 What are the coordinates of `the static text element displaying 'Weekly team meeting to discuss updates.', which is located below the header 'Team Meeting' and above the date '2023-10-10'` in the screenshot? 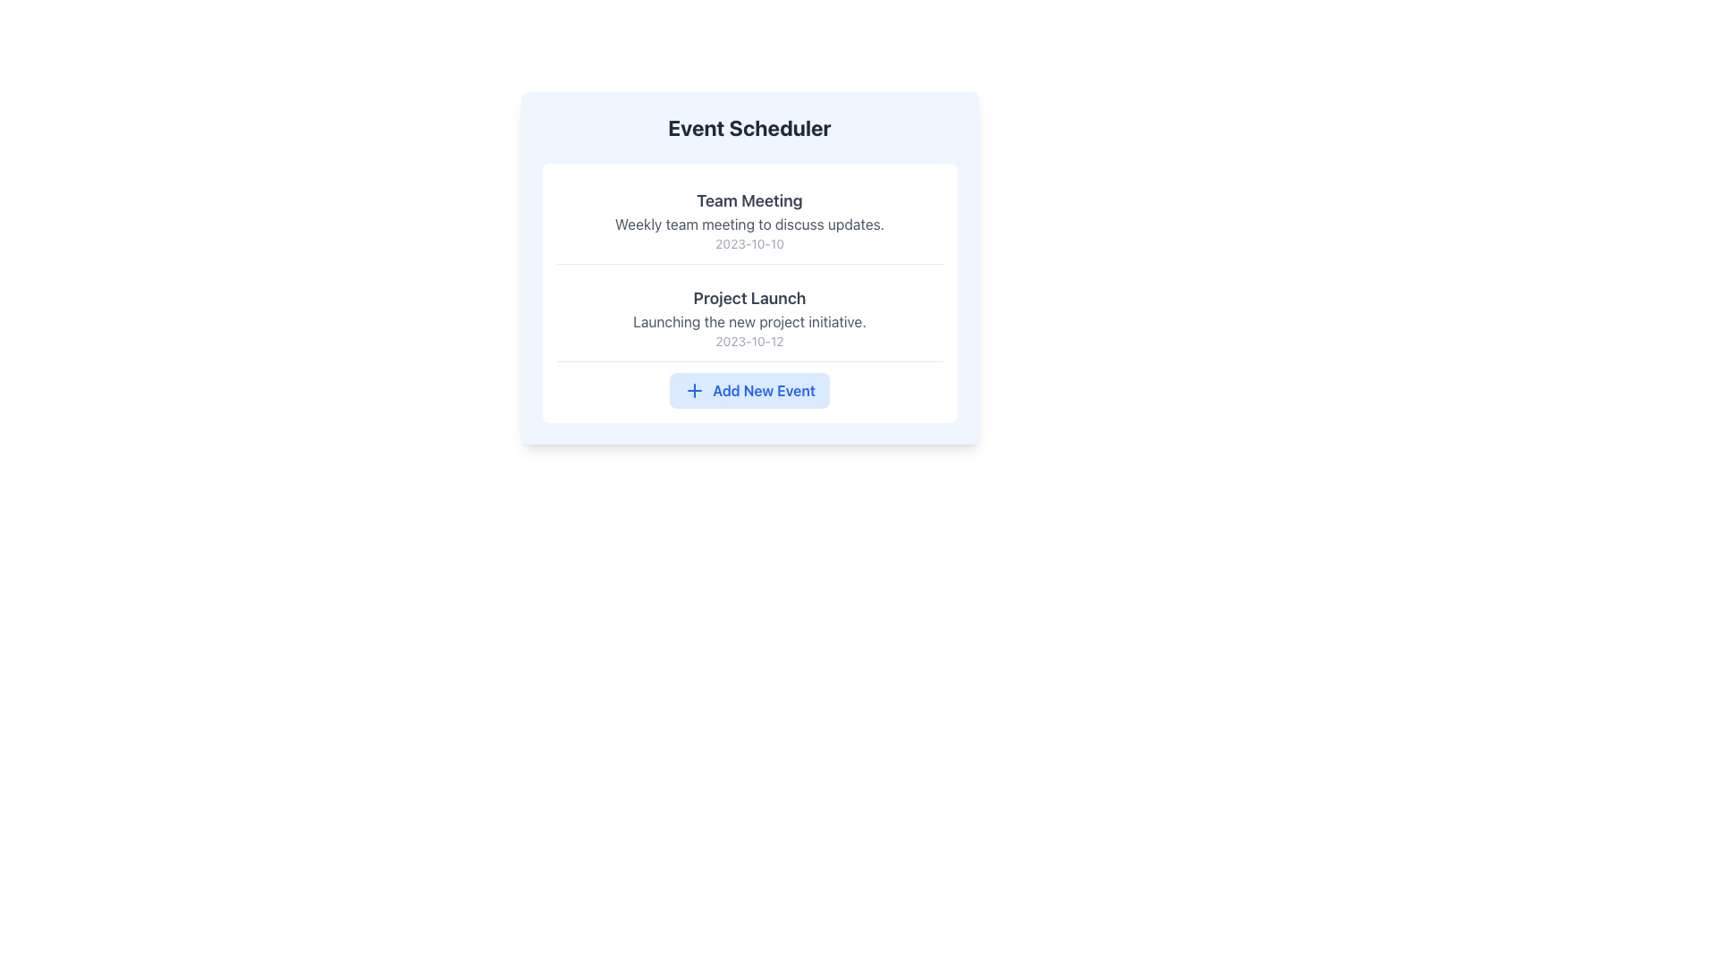 It's located at (749, 223).